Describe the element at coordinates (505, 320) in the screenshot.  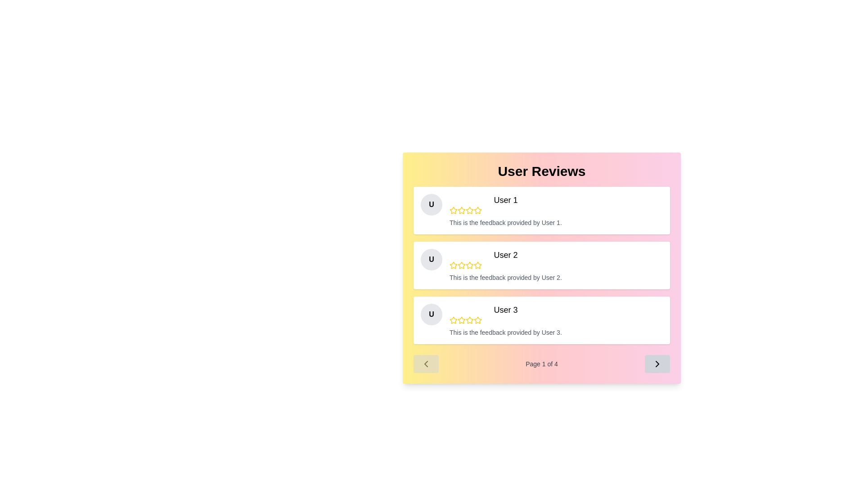
I see `the rating stars represented by five yellow star icons located below the header 'User 3' and above the feedback text` at that location.